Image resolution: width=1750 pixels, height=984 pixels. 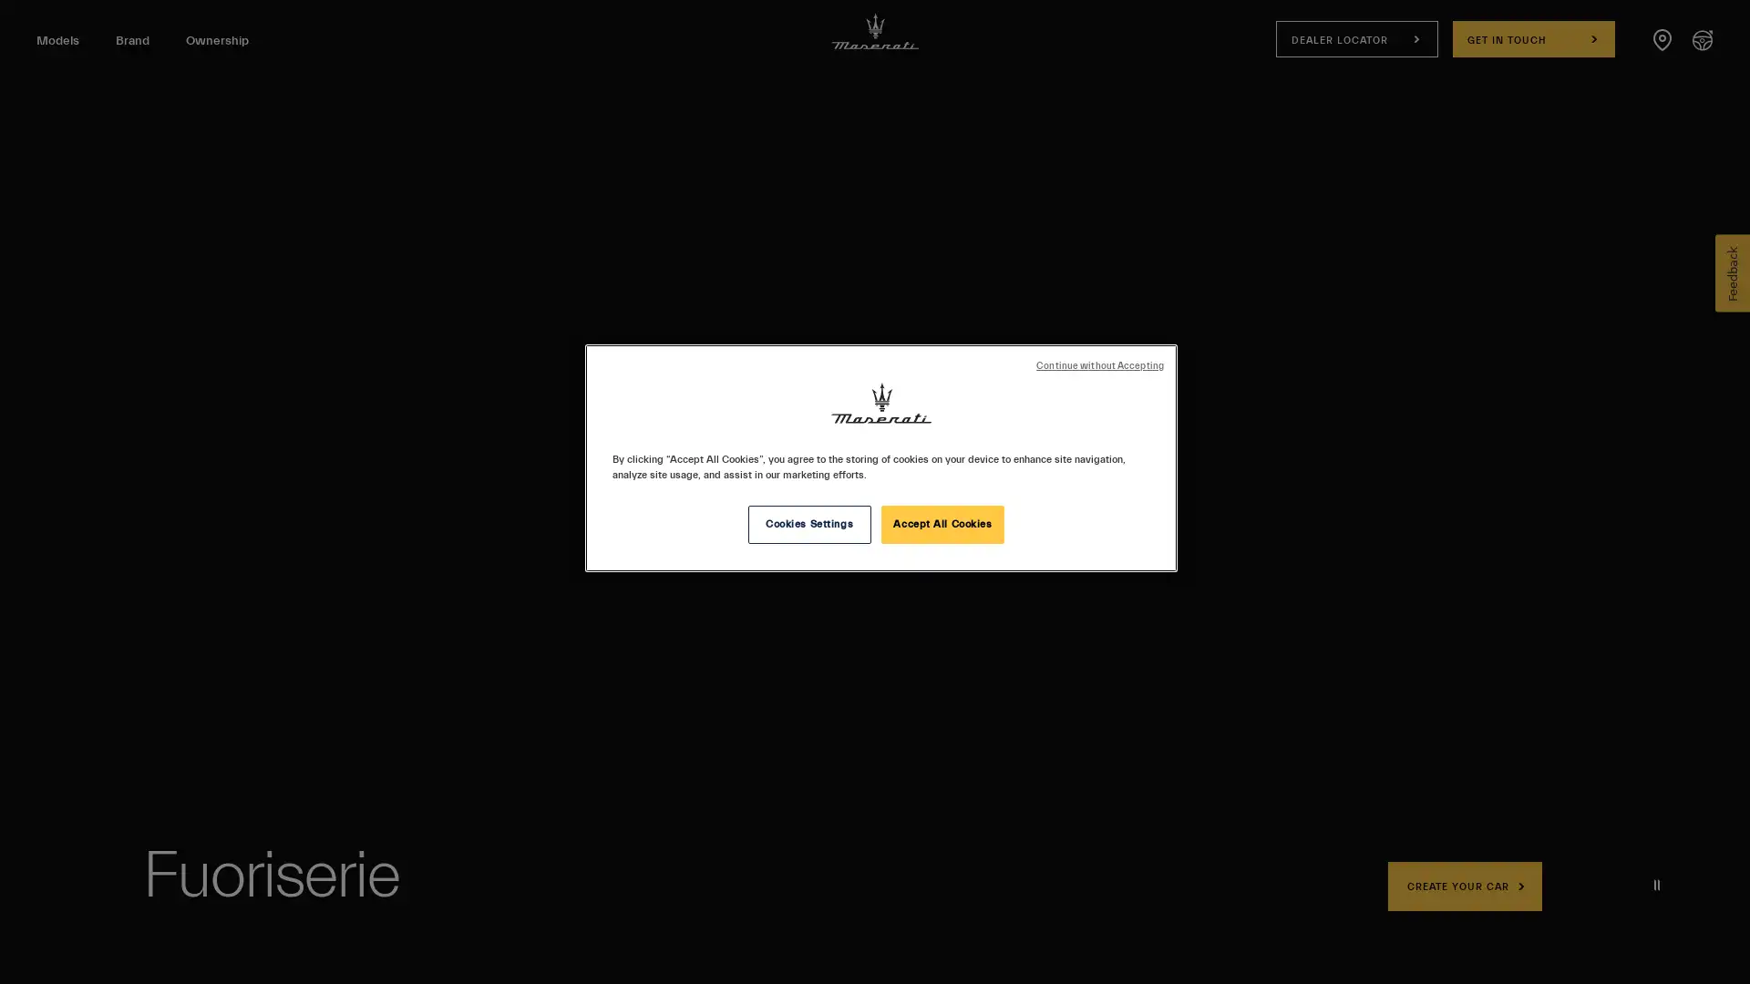 I want to click on Continue without Accepting, so click(x=1098, y=366).